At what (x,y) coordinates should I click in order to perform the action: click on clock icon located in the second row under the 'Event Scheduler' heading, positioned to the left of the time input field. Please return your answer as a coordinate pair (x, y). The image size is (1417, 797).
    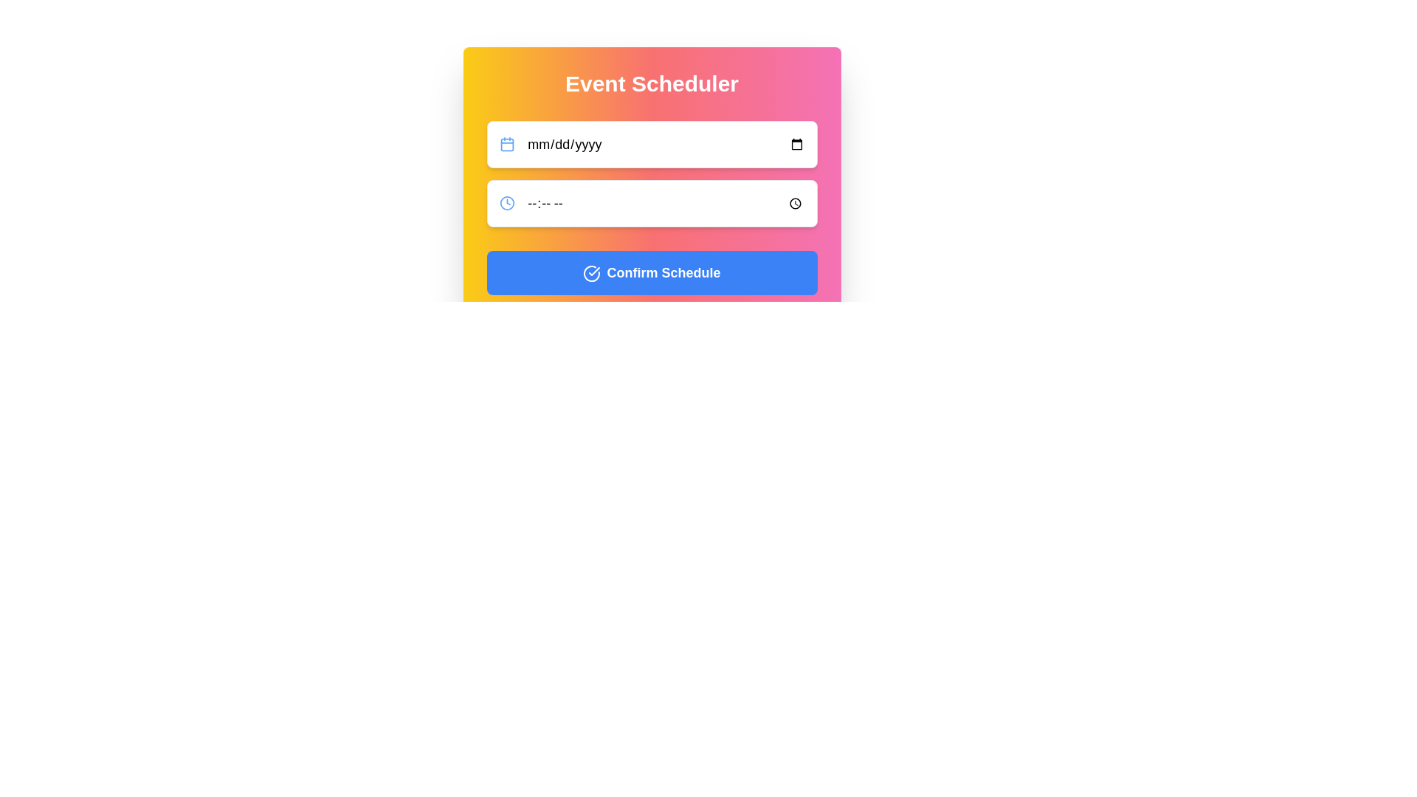
    Looking at the image, I should click on (507, 204).